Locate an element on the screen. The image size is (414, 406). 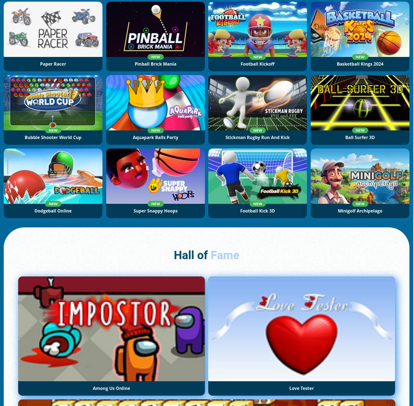
'Aquapark Balls Party' is located at coordinates (155, 137).